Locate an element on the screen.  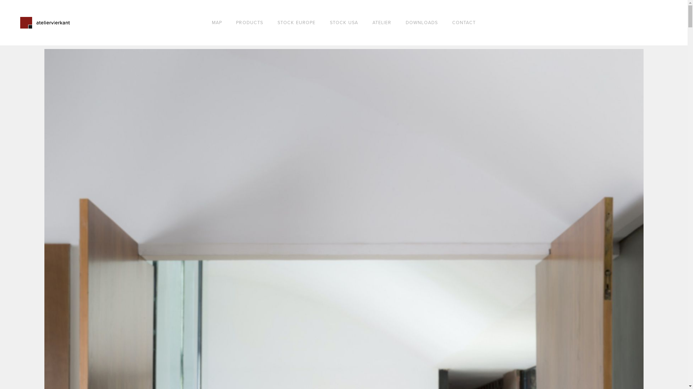
'STOCK EUROPE' is located at coordinates (296, 22).